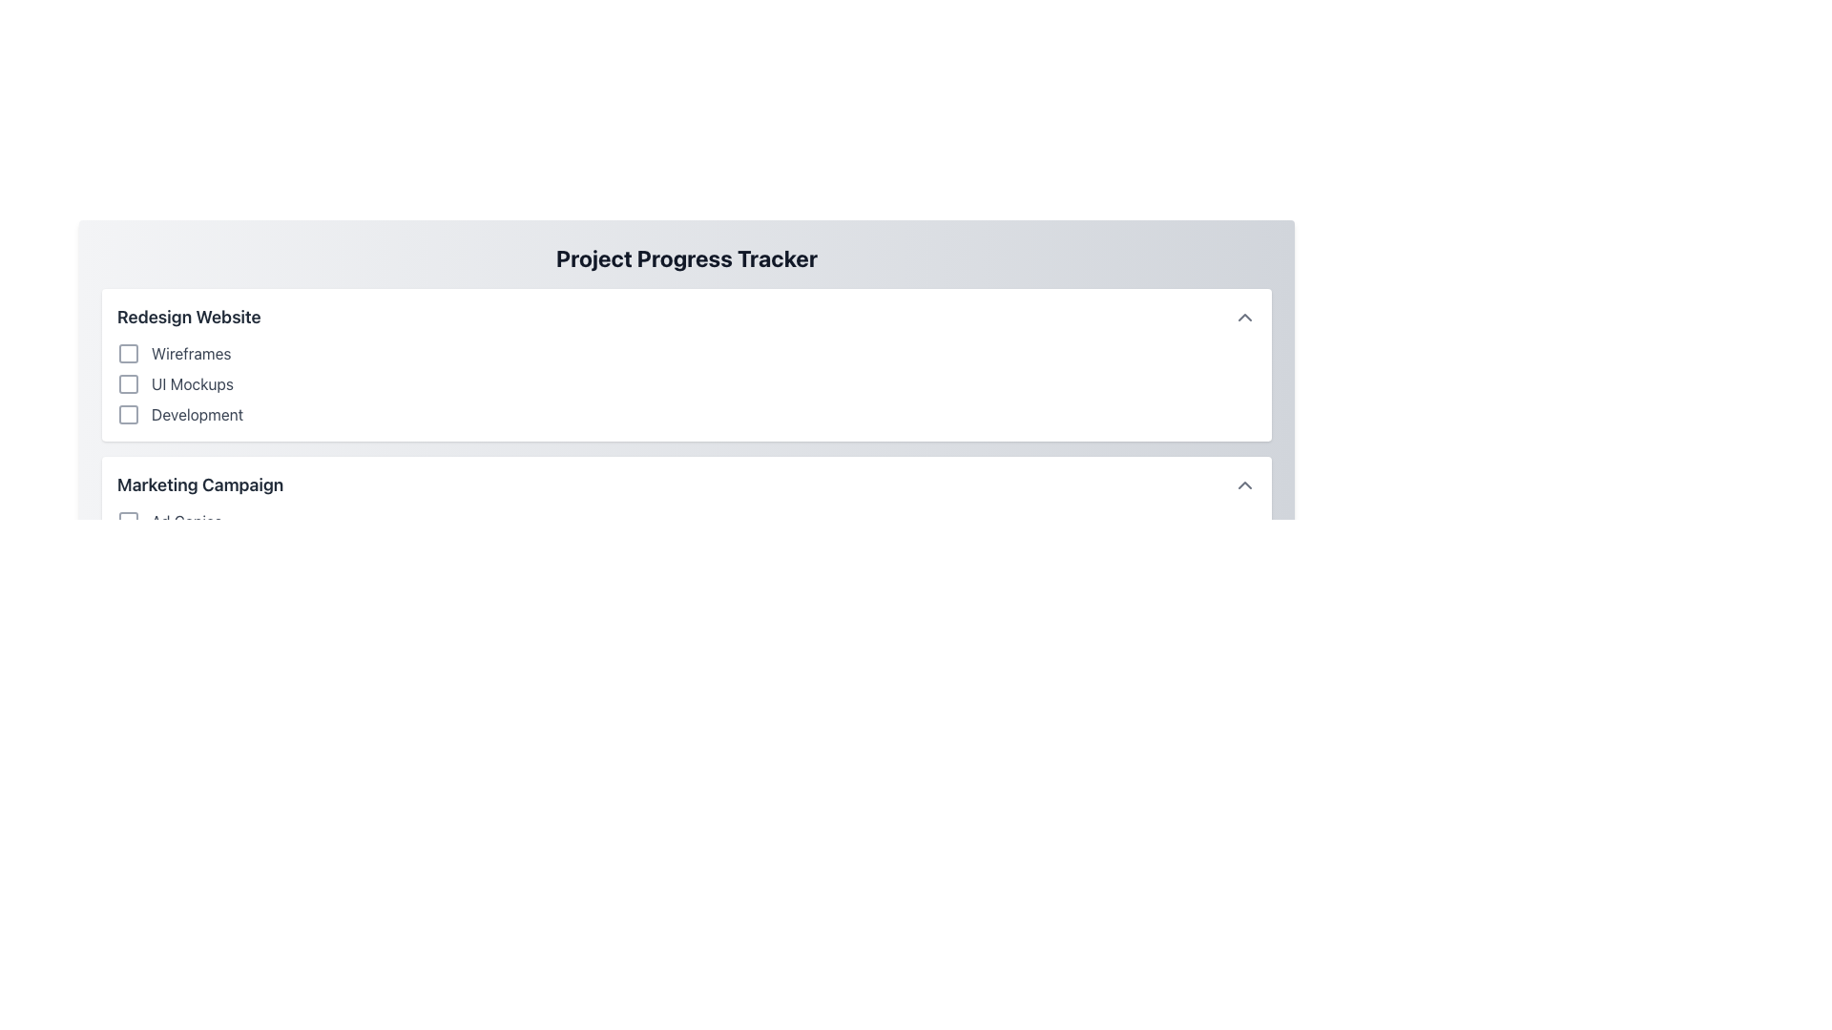 Image resolution: width=1832 pixels, height=1030 pixels. I want to click on the checkbox with a red border next to the text label 'Development' in the checklist under 'Redesign Website', so click(127, 414).